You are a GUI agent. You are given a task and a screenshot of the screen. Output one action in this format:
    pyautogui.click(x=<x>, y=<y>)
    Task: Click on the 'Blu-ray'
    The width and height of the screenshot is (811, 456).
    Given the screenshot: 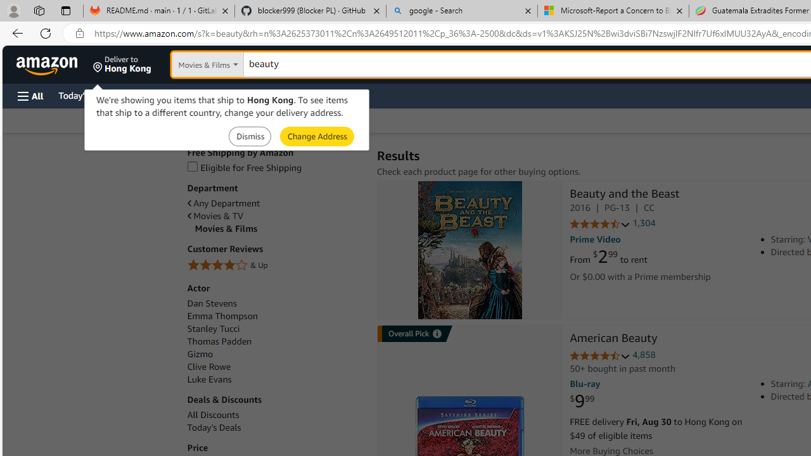 What is the action you would take?
    pyautogui.click(x=584, y=383)
    